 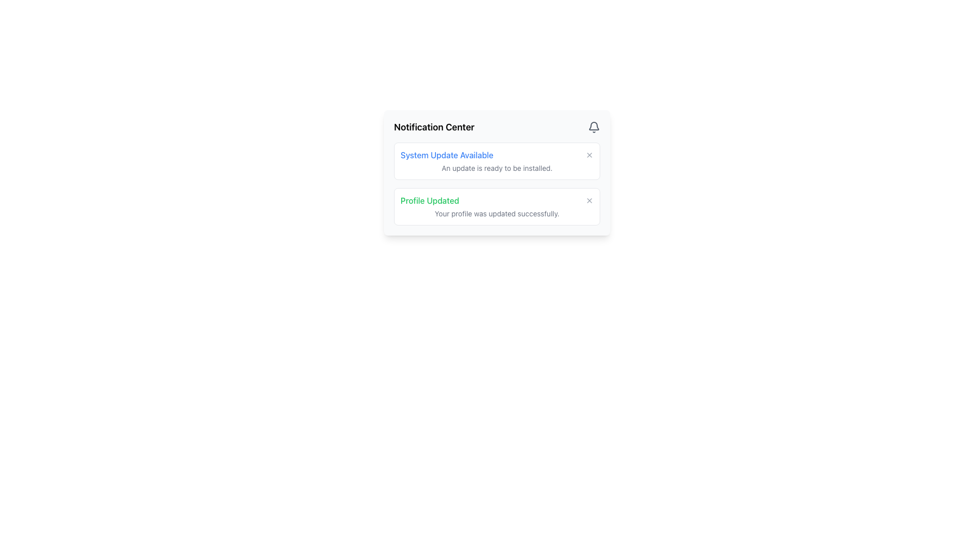 I want to click on the close button for the notification in the Notification Center, so click(x=589, y=155).